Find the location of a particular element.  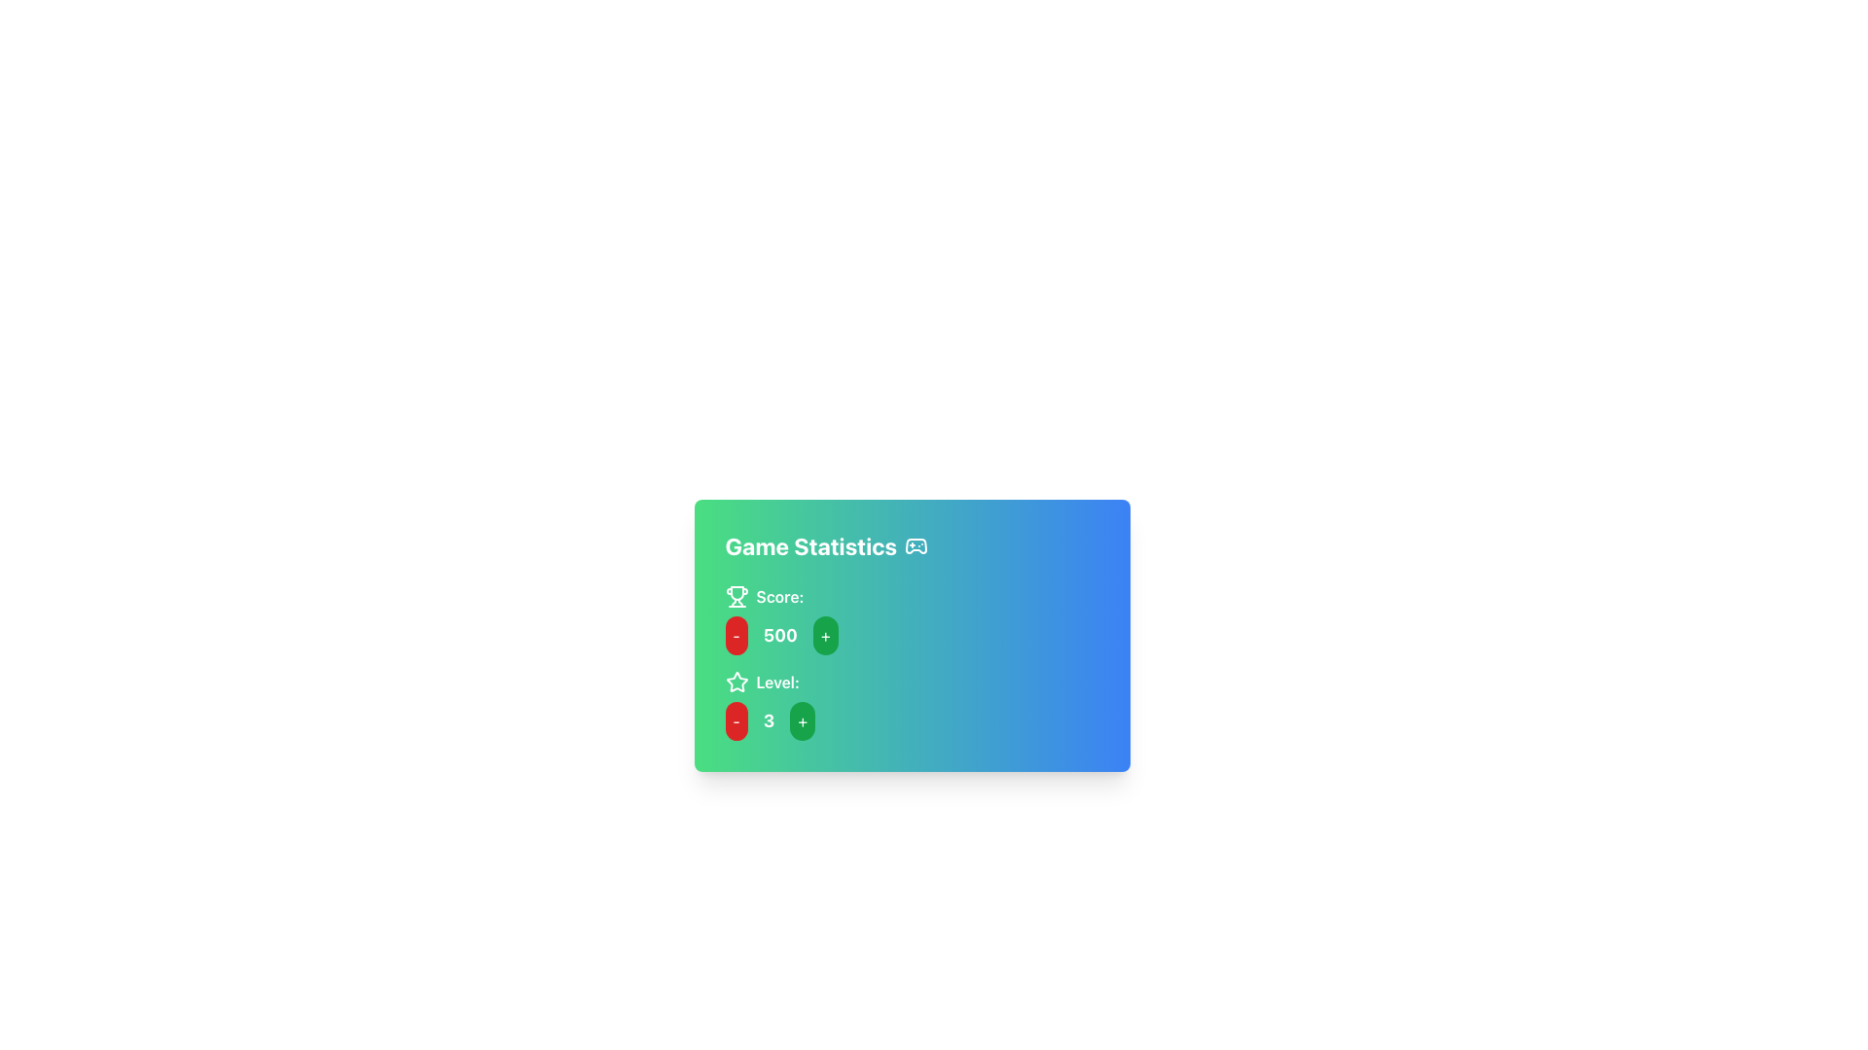

the increment button located to the right of the numeric display labeled 'Score' and the red circular '-' button is located at coordinates (825, 636).